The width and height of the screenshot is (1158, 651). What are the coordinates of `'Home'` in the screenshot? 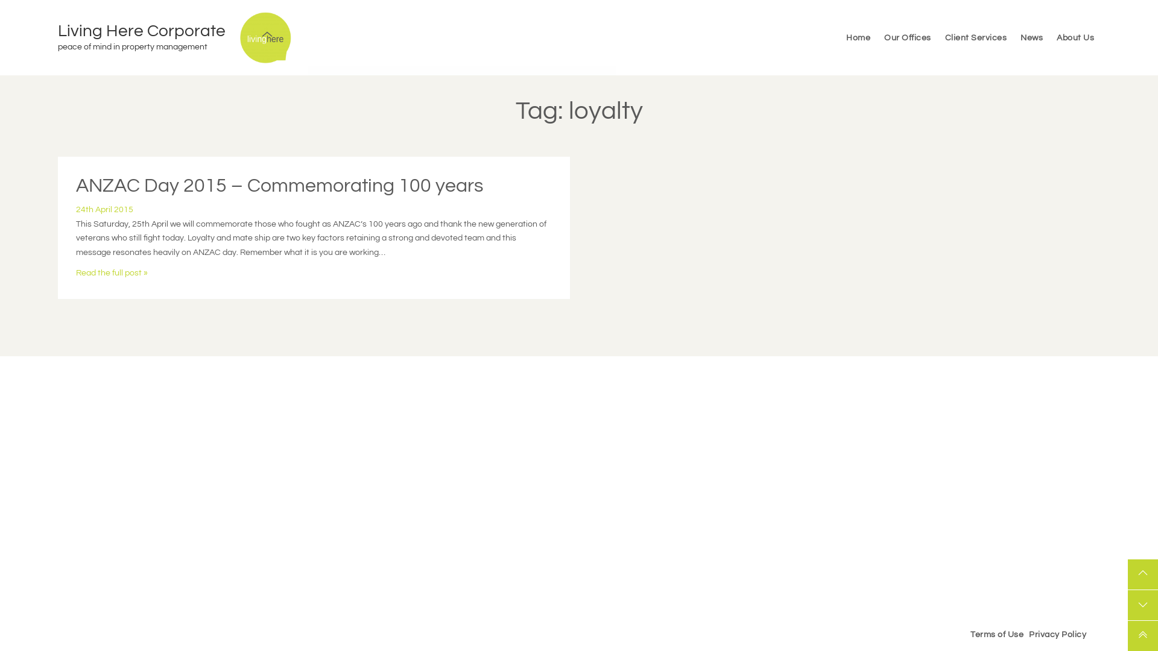 It's located at (857, 36).